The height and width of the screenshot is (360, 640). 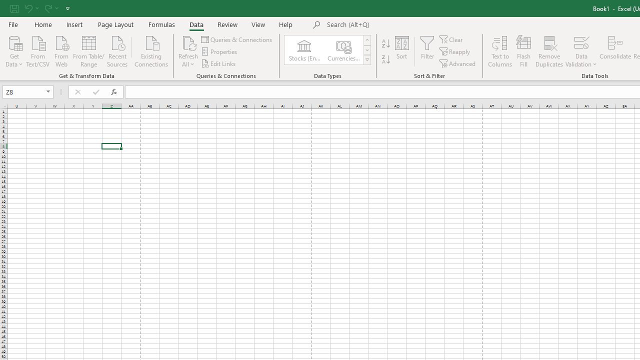 I want to click on 'Recent Sources', so click(x=117, y=50).